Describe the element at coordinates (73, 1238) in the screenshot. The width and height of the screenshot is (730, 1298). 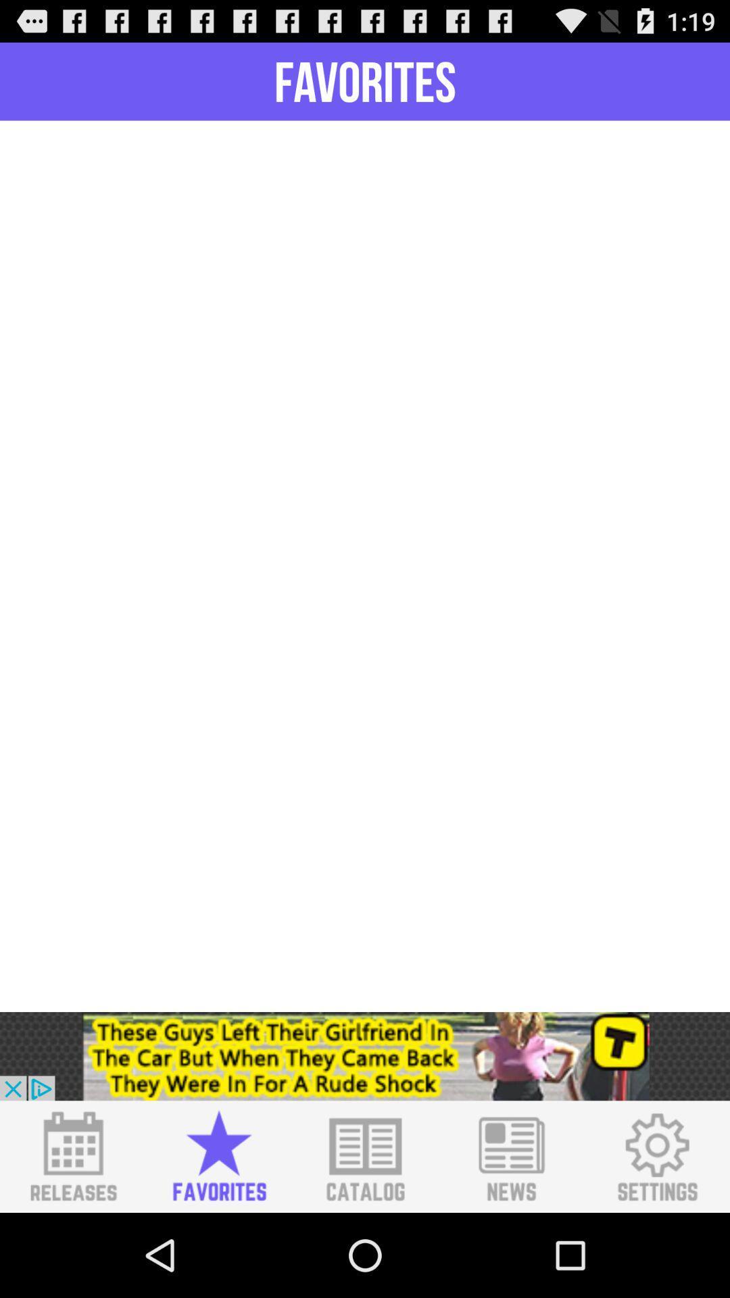
I see `the date_range icon` at that location.